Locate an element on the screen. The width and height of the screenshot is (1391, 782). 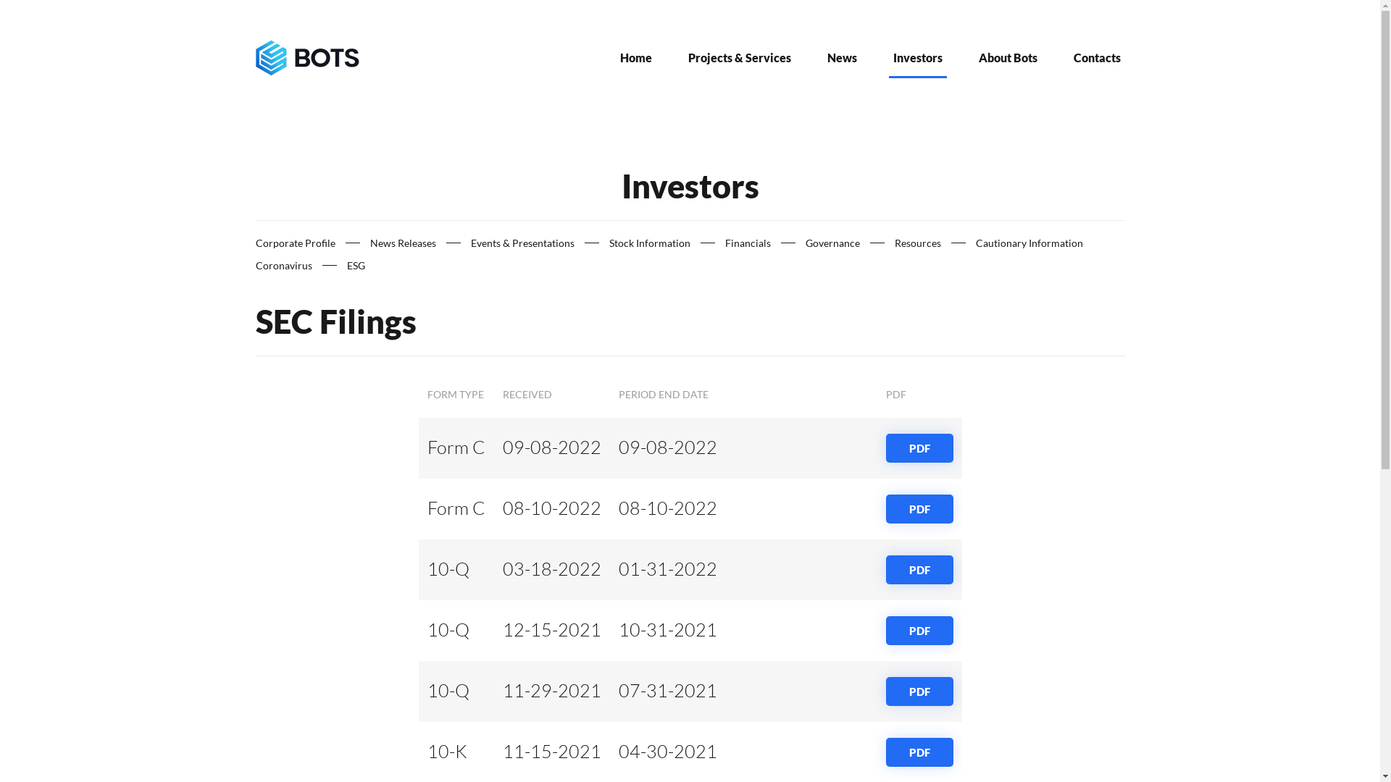
'Investors' is located at coordinates (887, 57).